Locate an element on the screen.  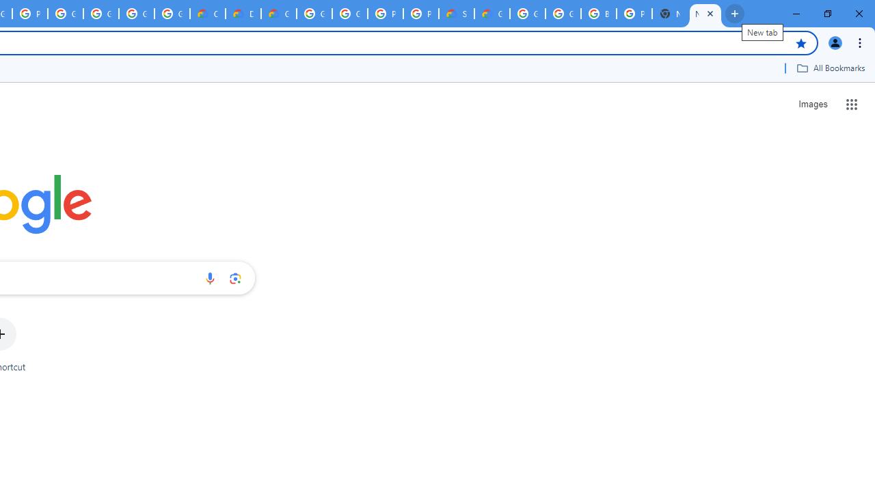
'All Bookmarks' is located at coordinates (830, 68).